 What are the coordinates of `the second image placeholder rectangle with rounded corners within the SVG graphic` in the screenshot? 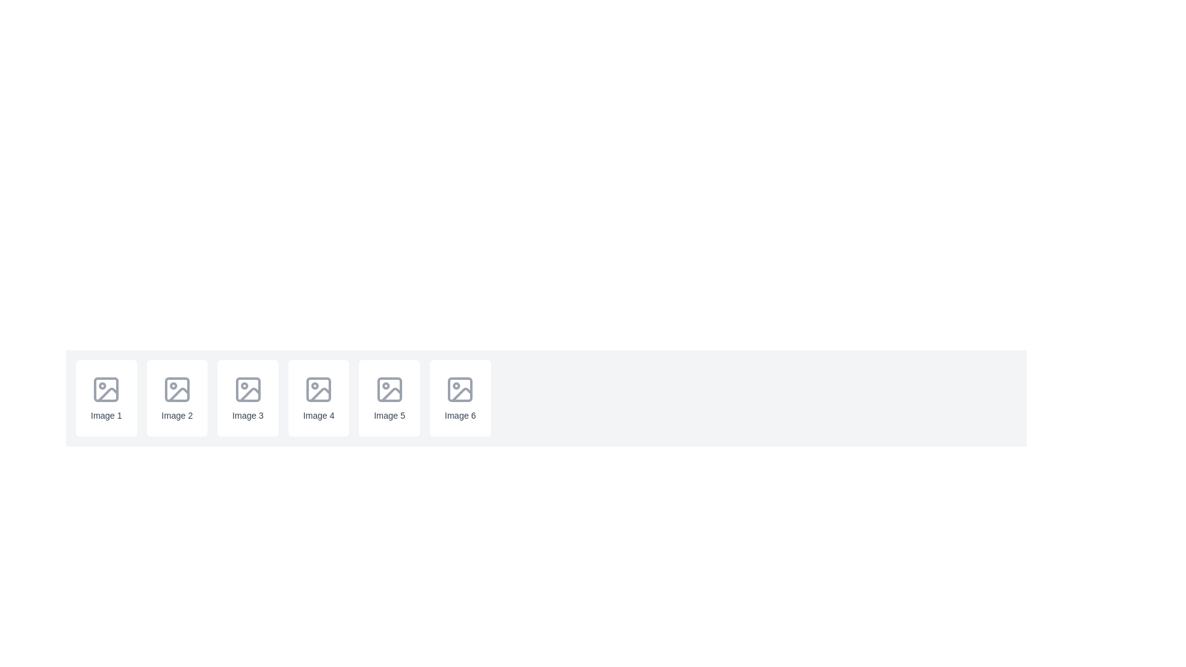 It's located at (176, 390).